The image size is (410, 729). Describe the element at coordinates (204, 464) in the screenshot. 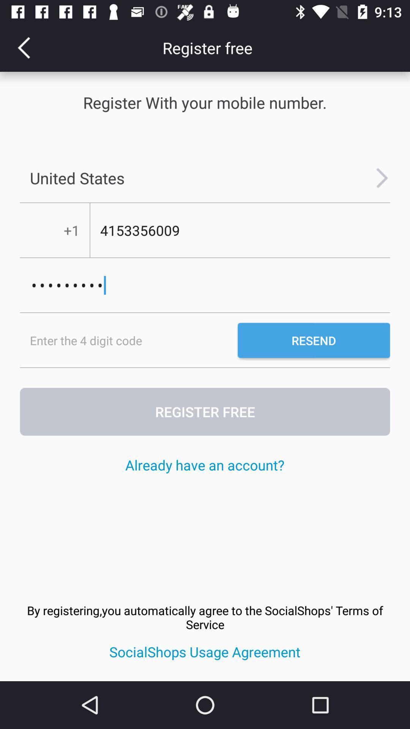

I see `the item below the register free icon` at that location.